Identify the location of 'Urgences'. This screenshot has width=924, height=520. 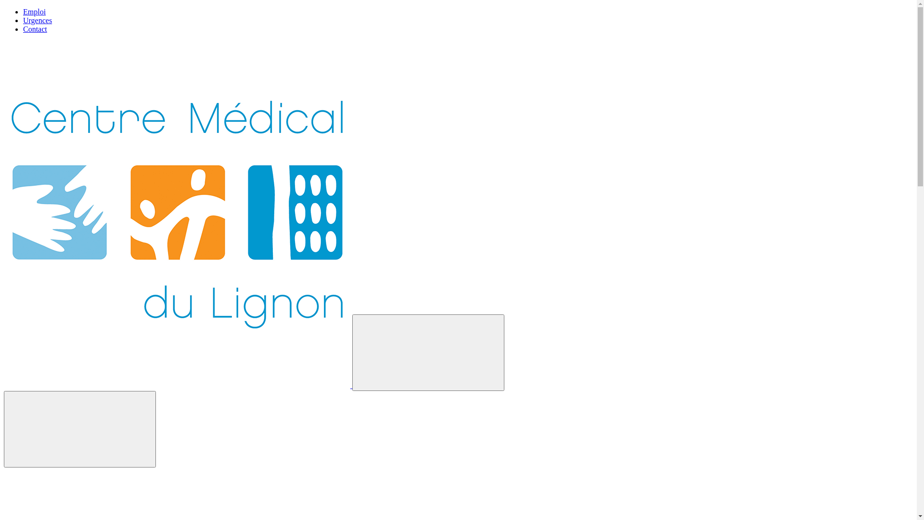
(23, 20).